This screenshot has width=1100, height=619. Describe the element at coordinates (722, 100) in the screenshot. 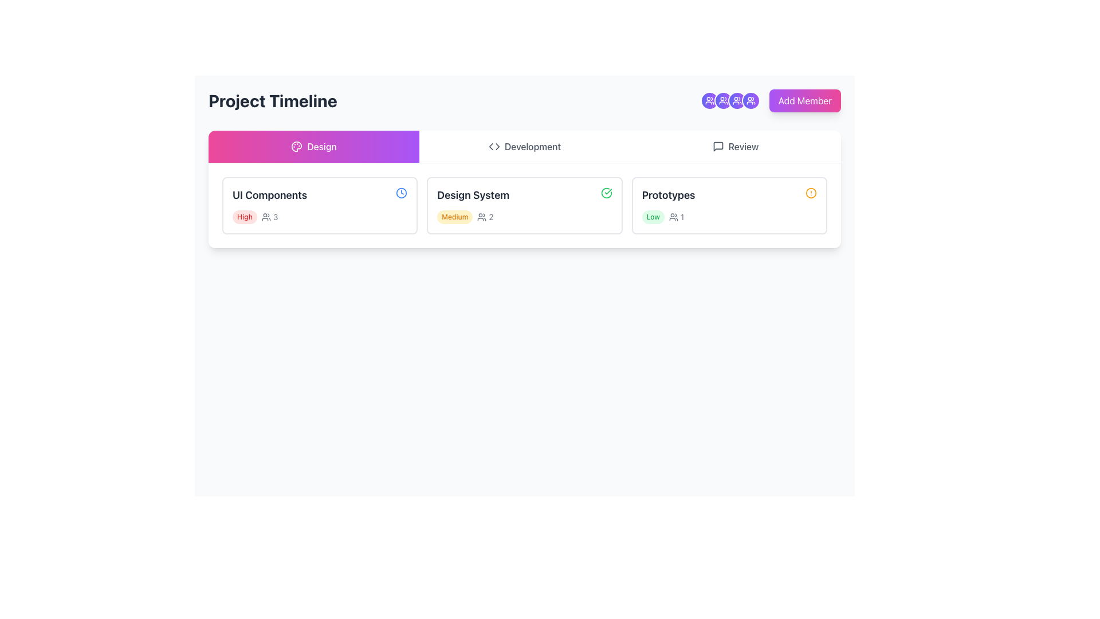

I see `the SVG group icon within a decorative button, which is styled in white and located in the top-right corner of the interface, fourth in a row of similar icons before the 'Add Member' button` at that location.